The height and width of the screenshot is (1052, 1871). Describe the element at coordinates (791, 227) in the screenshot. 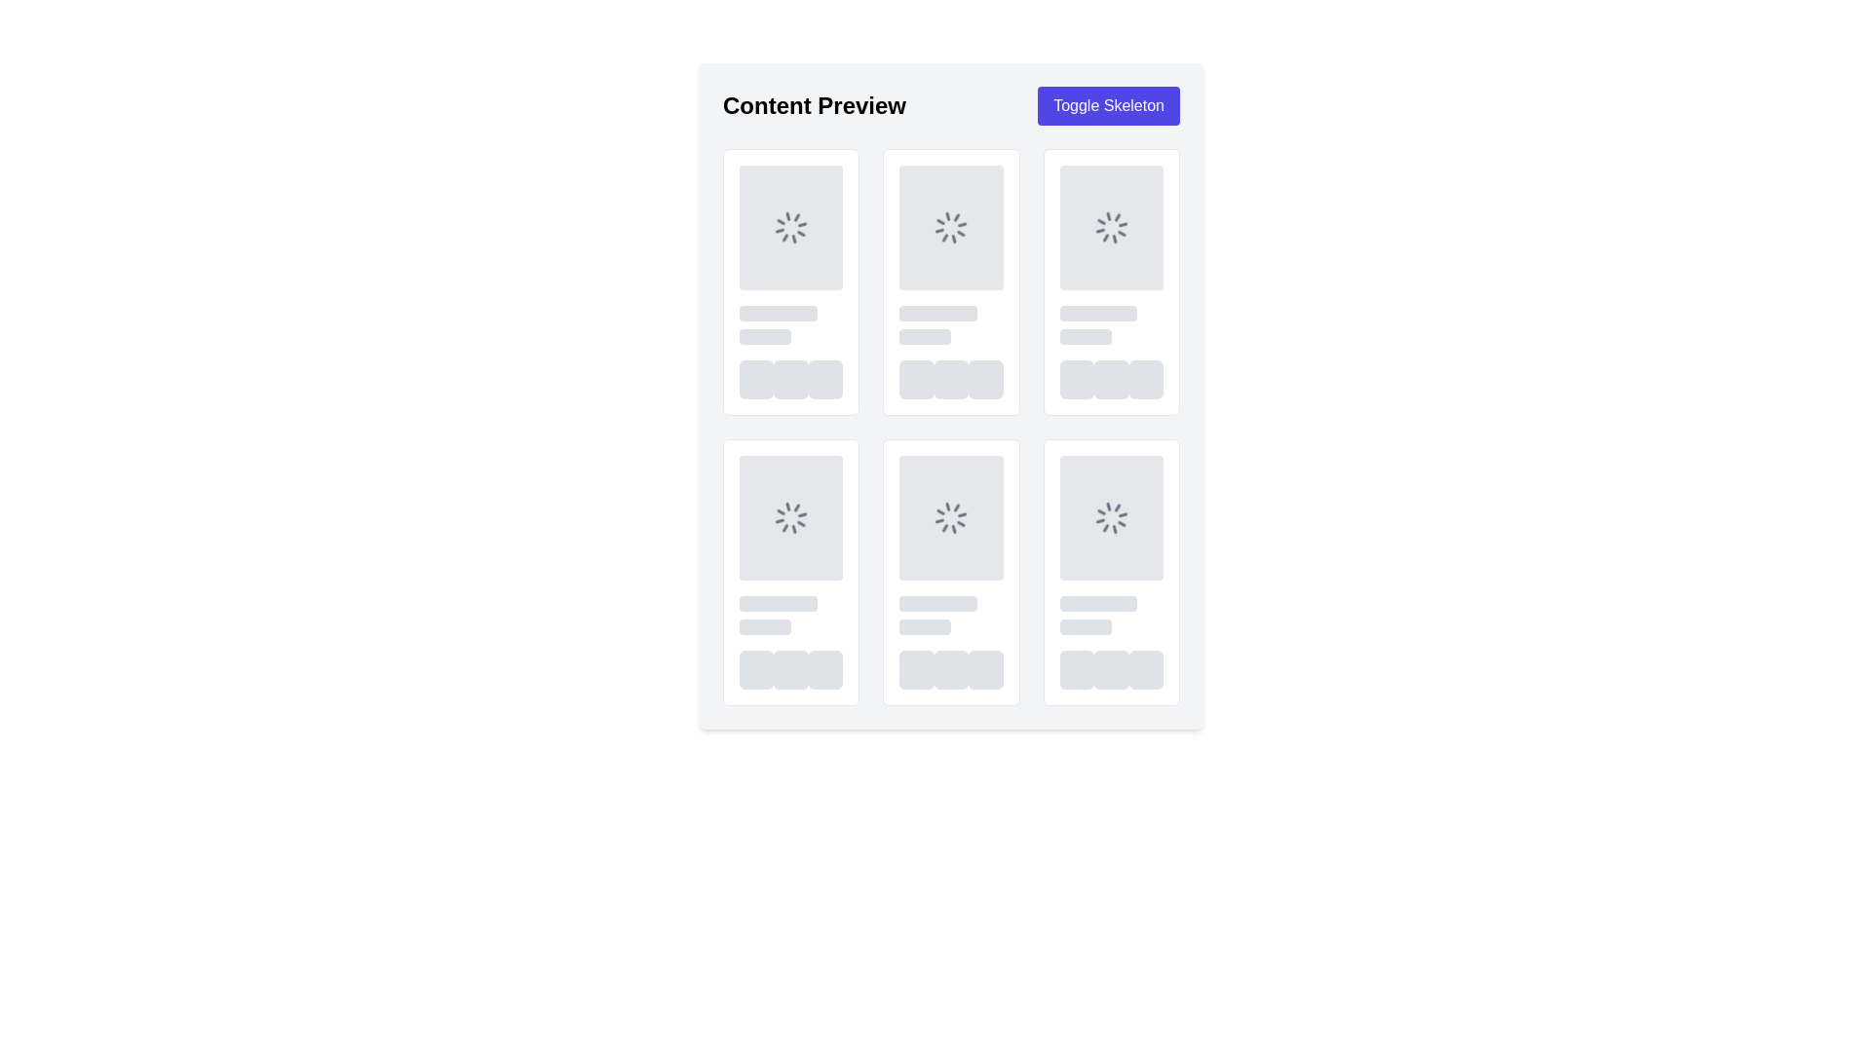

I see `the loading spinner, which serves as a visual indicator for a loading or processing state, located in the first cell of a grid-like layout` at that location.